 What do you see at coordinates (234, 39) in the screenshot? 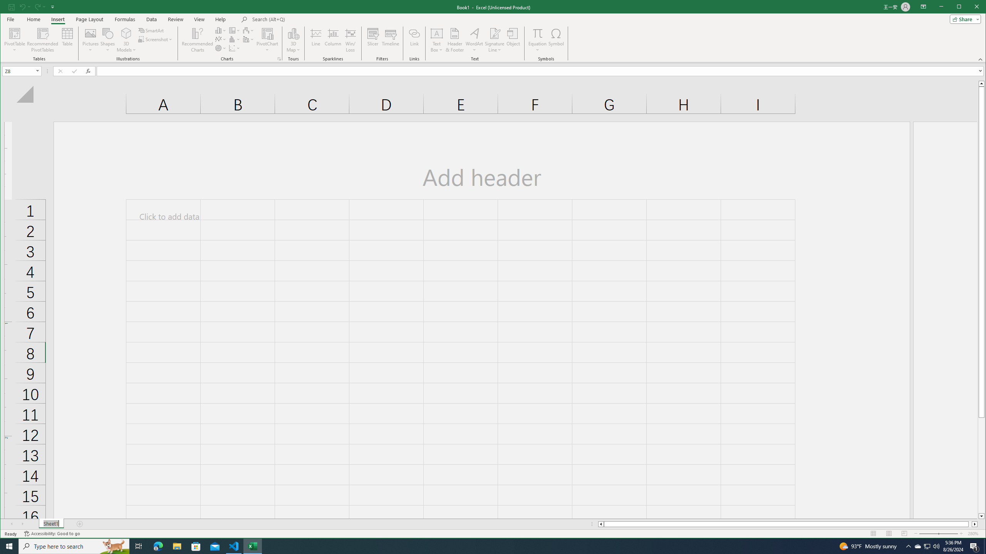
I see `'Insert Statistic Chart'` at bounding box center [234, 39].